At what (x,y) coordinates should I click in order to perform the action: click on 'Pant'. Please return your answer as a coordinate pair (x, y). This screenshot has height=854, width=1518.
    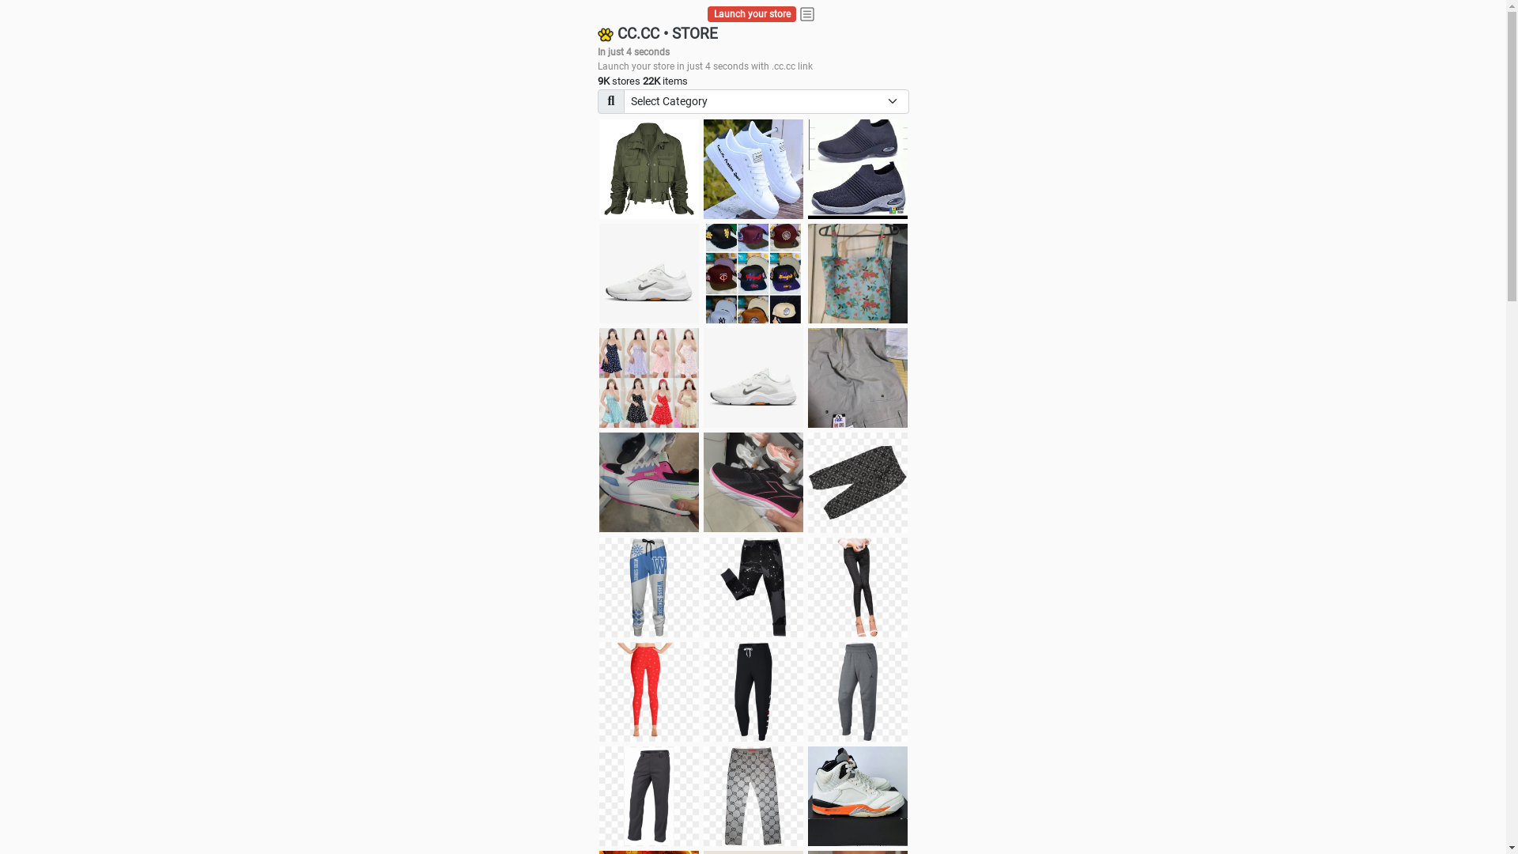
    Looking at the image, I should click on (753, 588).